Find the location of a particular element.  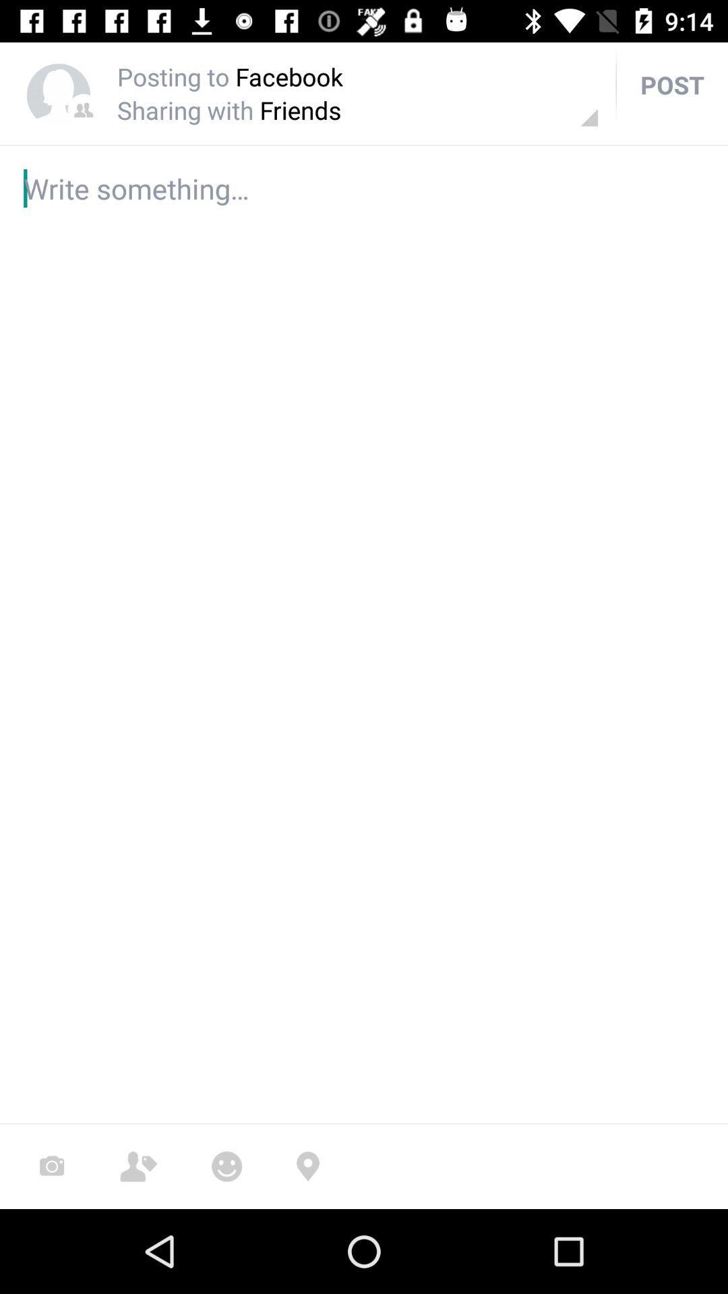

the emoji icon is located at coordinates (226, 1166).